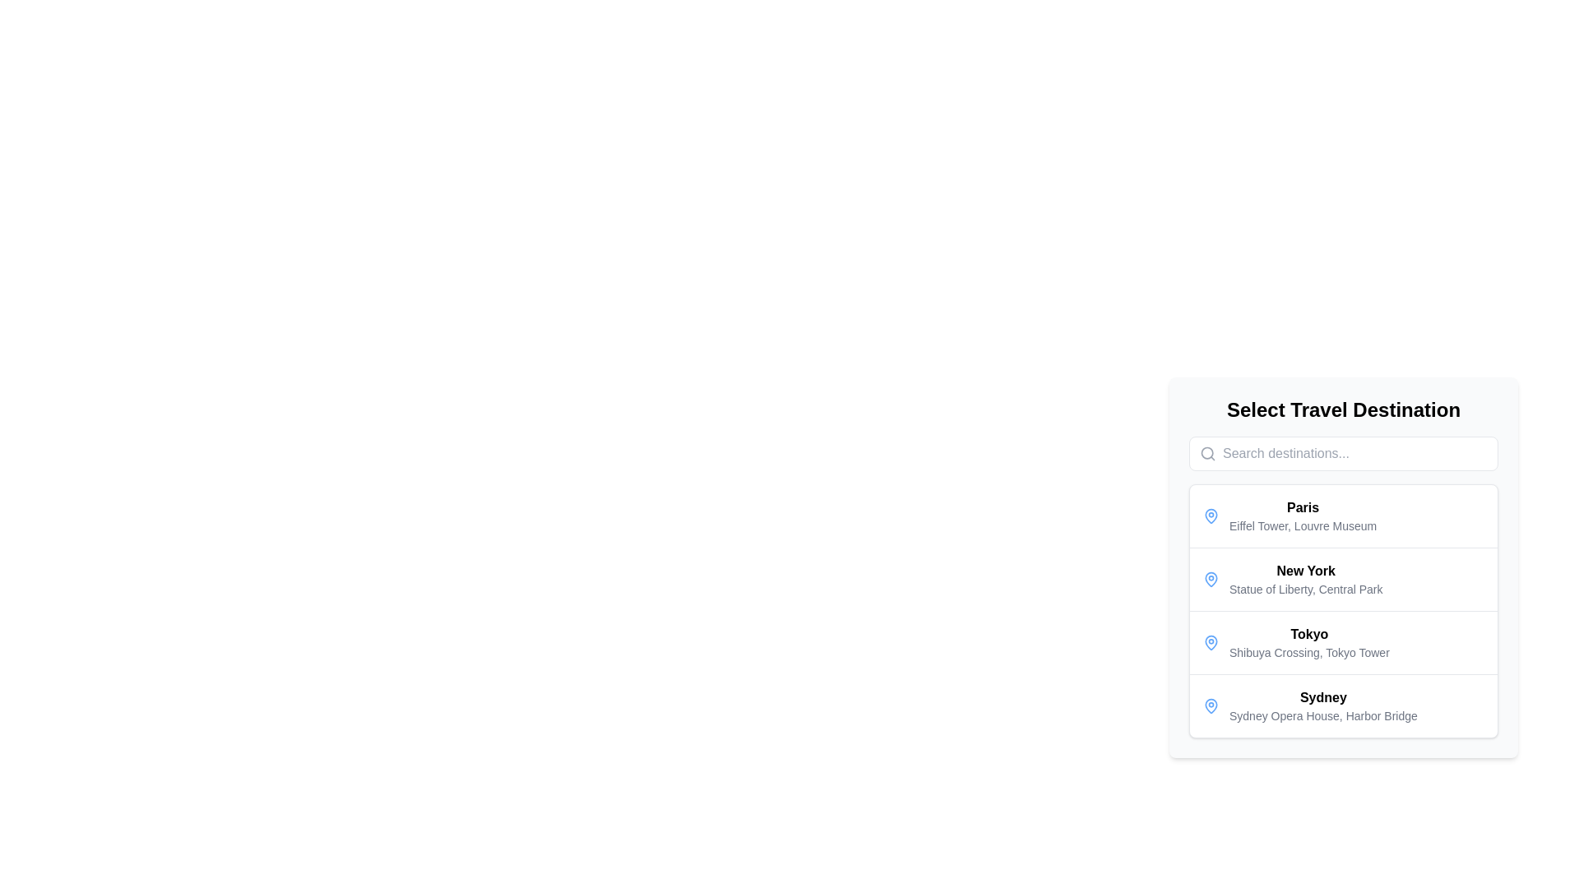 This screenshot has width=1579, height=888. What do you see at coordinates (1308, 642) in the screenshot?
I see `the third item in the travel destinations list, which is located between 'New York' and 'Sydney'` at bounding box center [1308, 642].